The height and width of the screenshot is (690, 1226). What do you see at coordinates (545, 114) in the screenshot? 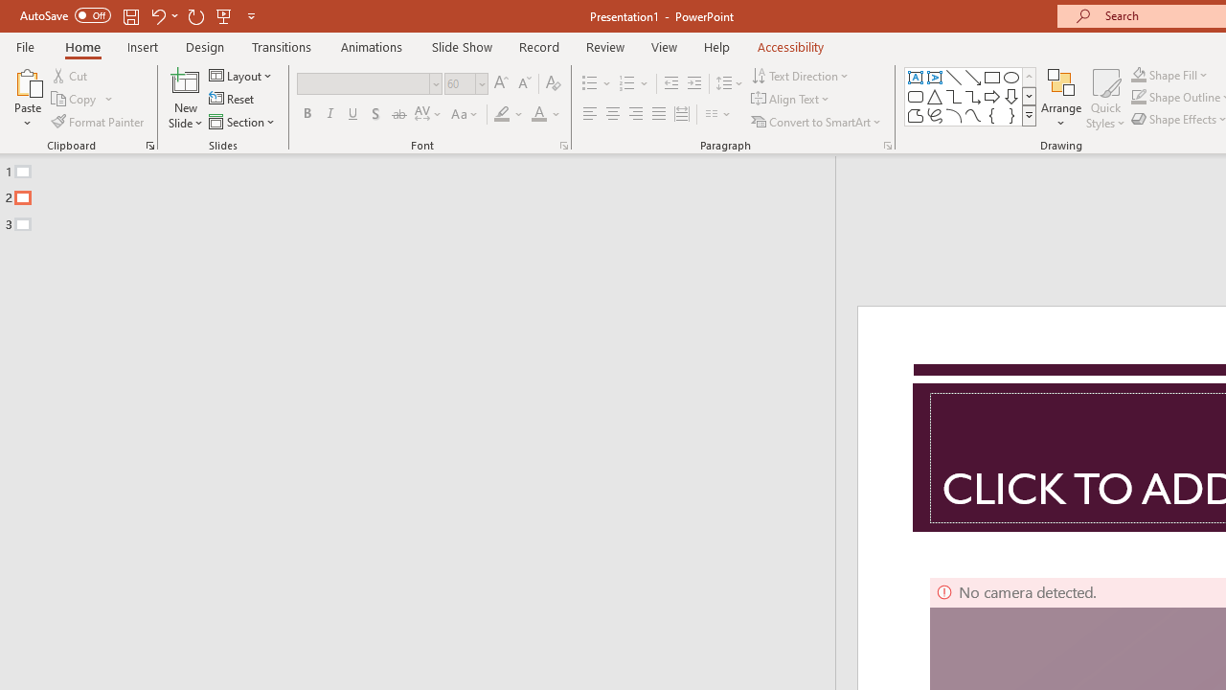
I see `'Font Color'` at bounding box center [545, 114].